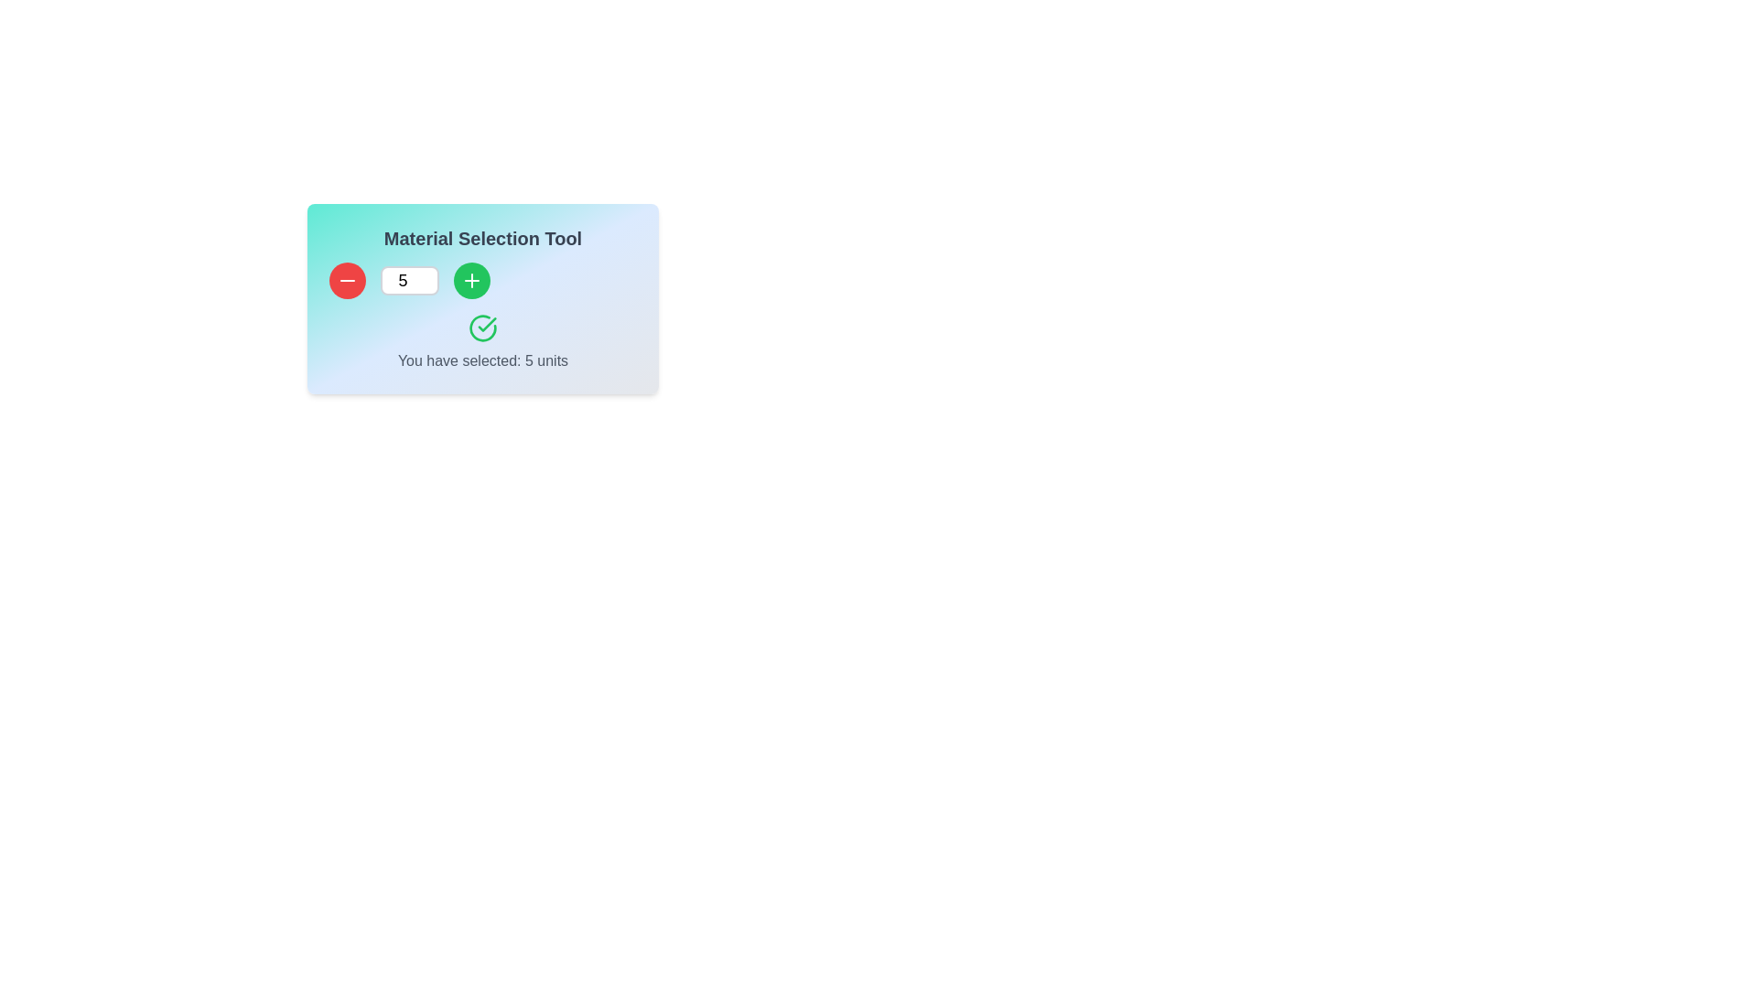 This screenshot has width=1757, height=988. Describe the element at coordinates (483, 342) in the screenshot. I see `the informational message indicating the current selection of '5 units' located within the 'Material Selection Tool' card, situated below the numeric input field` at that location.